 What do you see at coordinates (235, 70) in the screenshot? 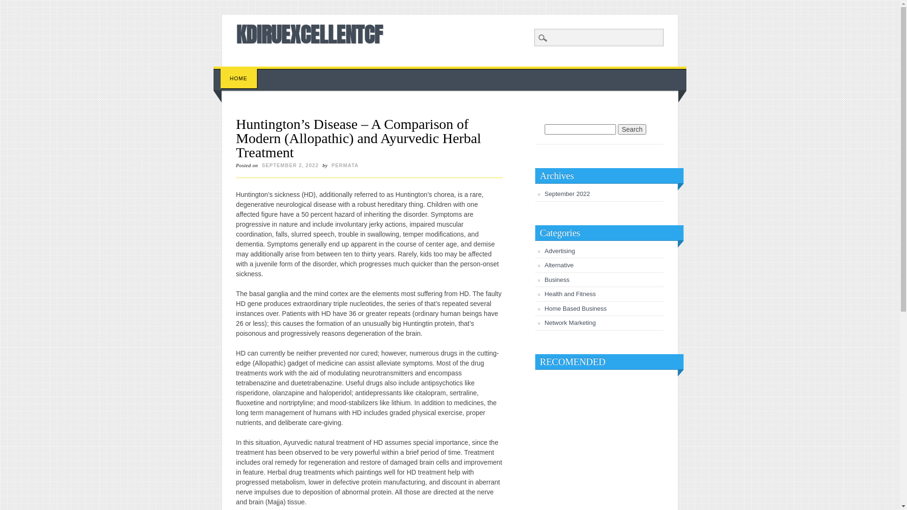
I see `'Skip to content'` at bounding box center [235, 70].